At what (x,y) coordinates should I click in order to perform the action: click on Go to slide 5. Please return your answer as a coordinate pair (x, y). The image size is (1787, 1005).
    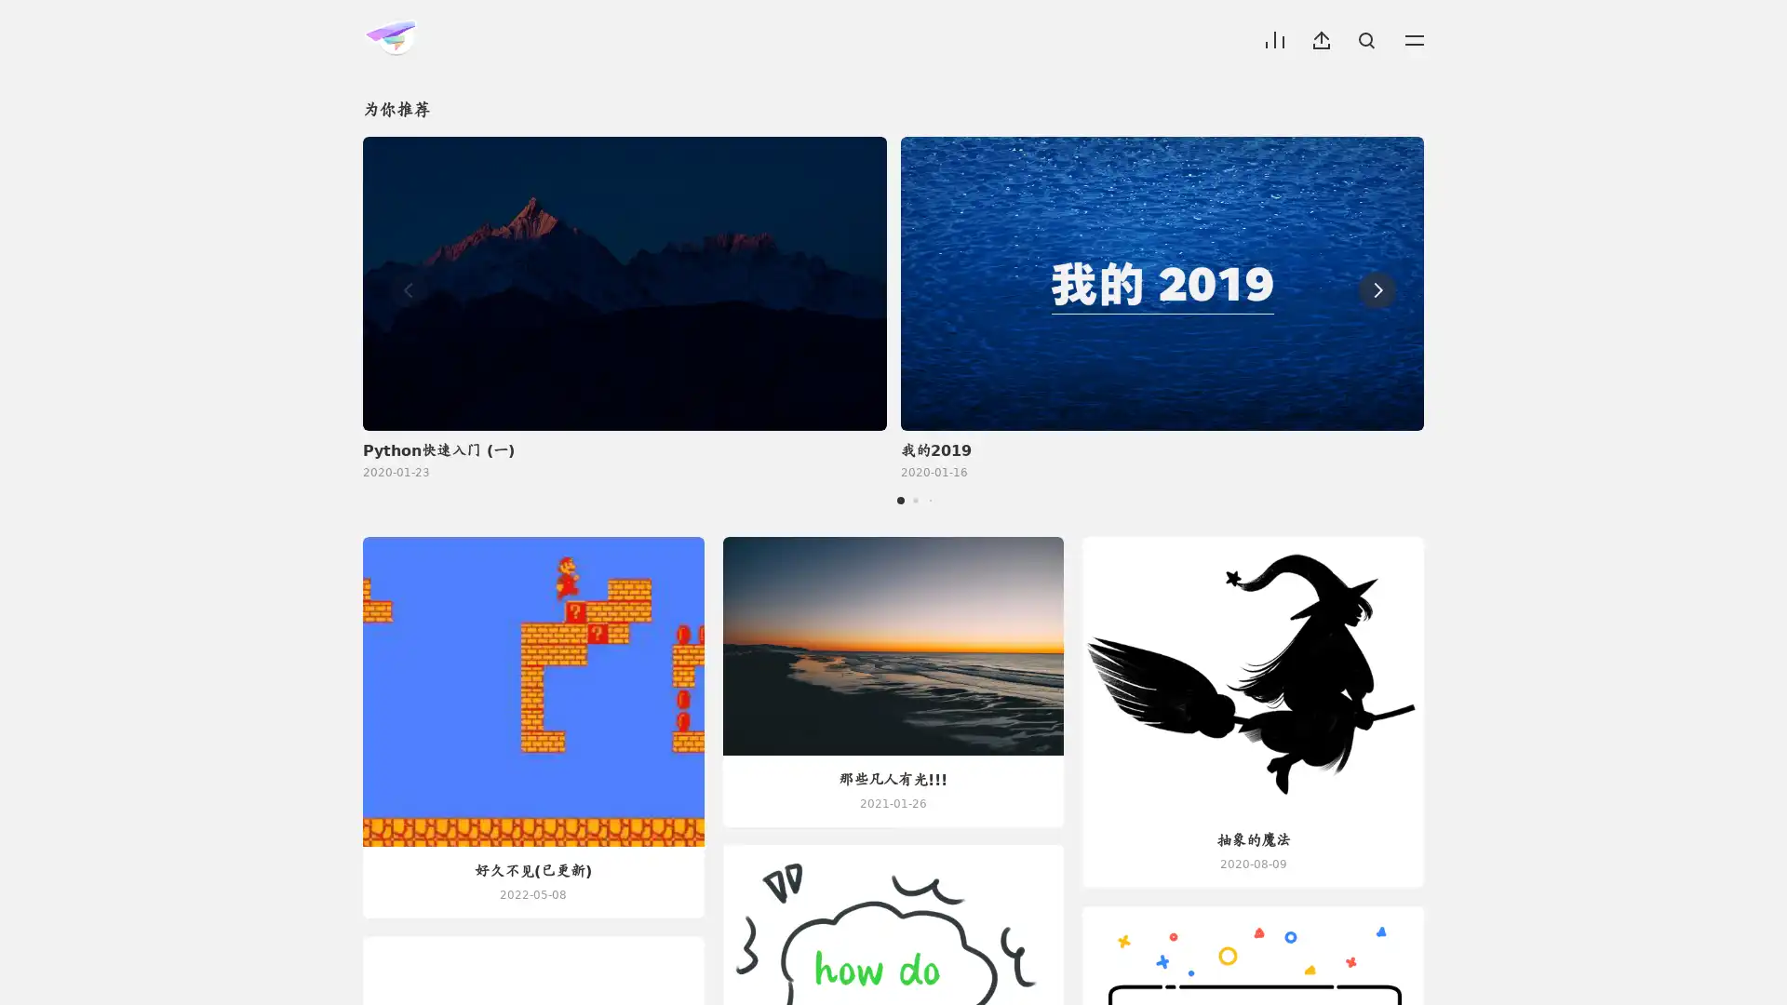
    Looking at the image, I should click on (960, 499).